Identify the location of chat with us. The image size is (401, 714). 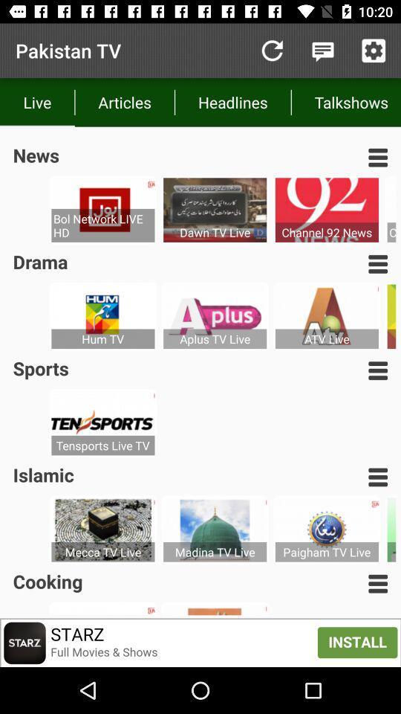
(322, 51).